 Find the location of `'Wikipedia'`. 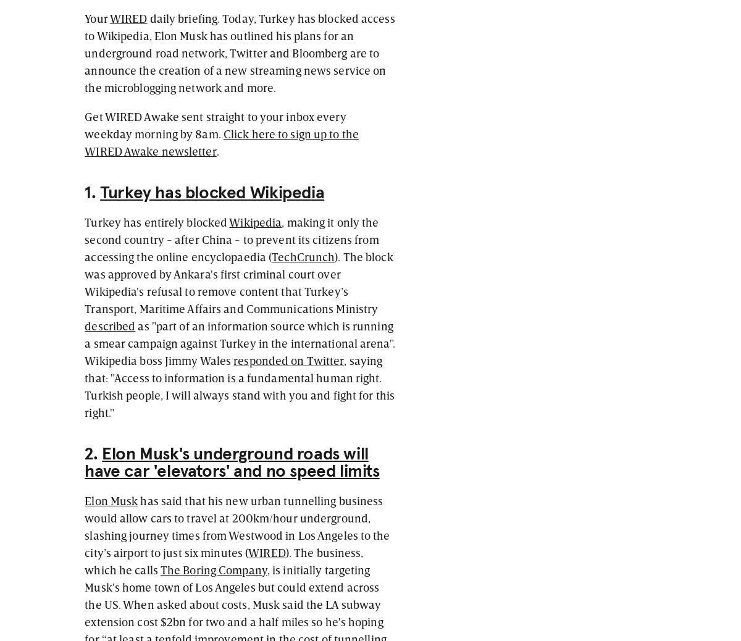

'Wikipedia' is located at coordinates (255, 221).